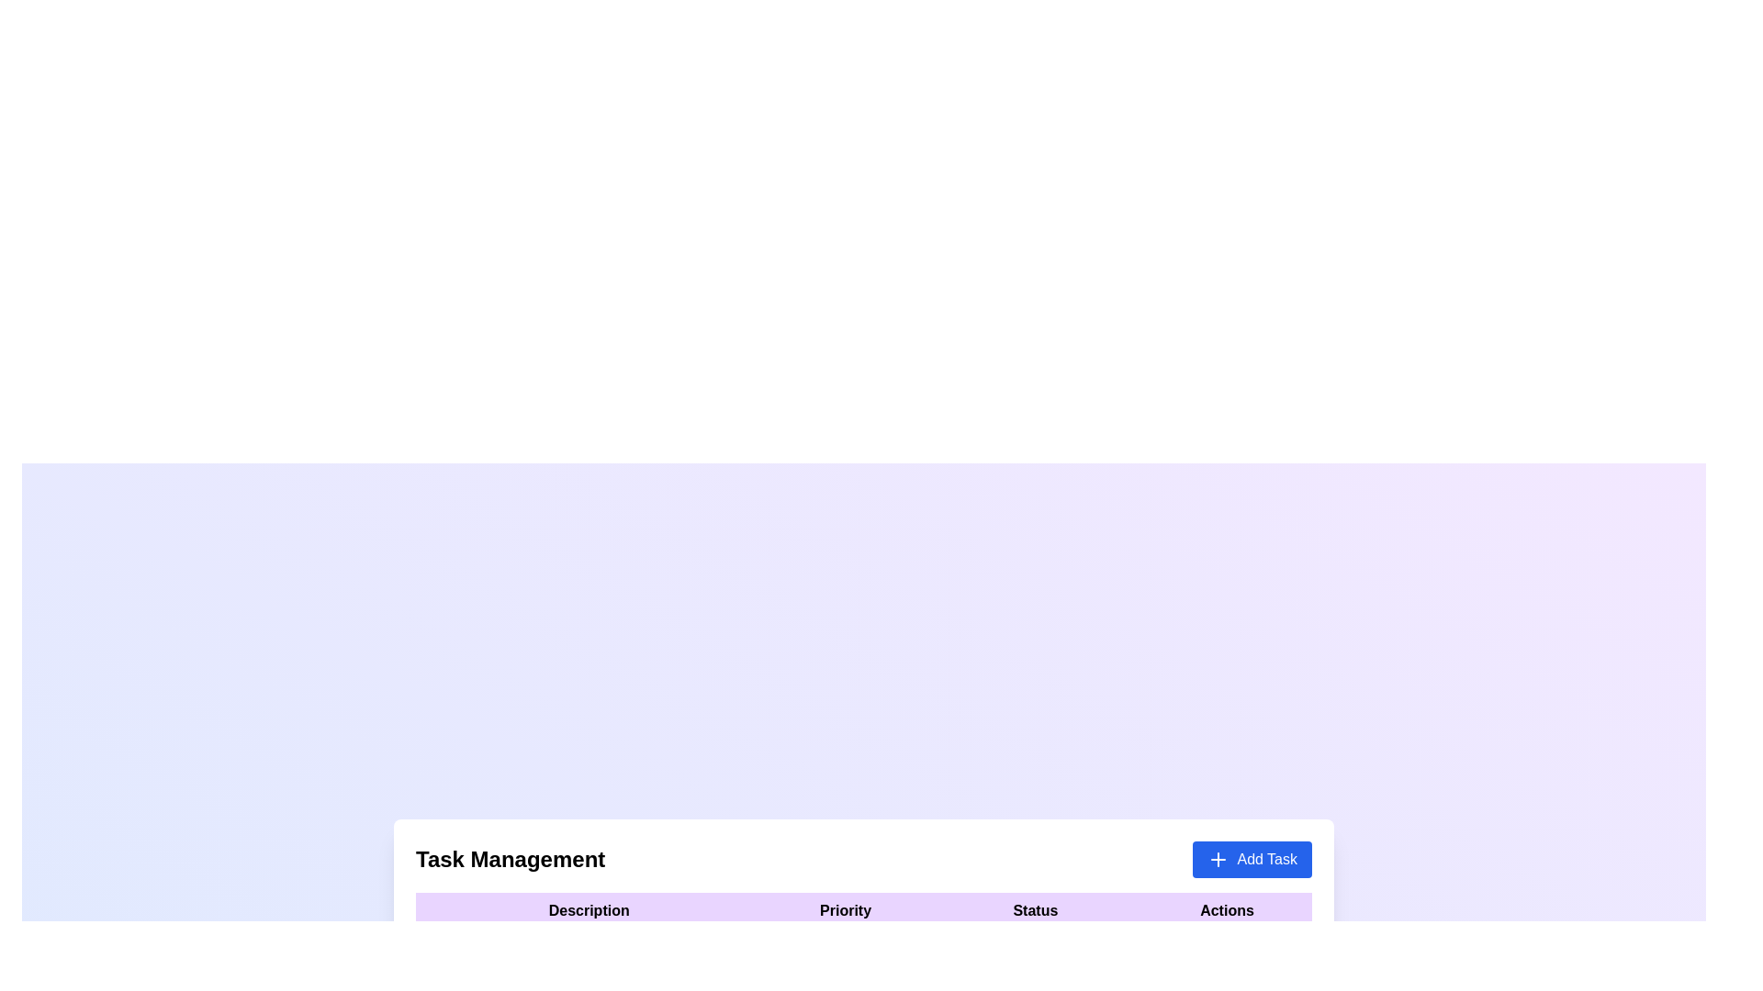 The width and height of the screenshot is (1763, 991). What do you see at coordinates (511, 860) in the screenshot?
I see `the text heading that serves as a header for the task management section` at bounding box center [511, 860].